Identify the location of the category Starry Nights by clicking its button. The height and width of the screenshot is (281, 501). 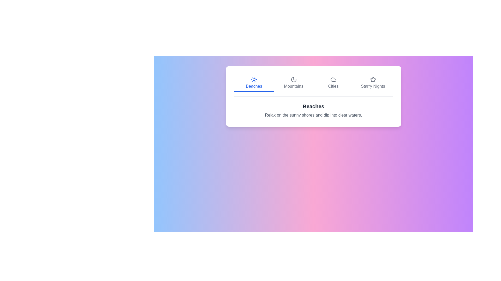
(373, 83).